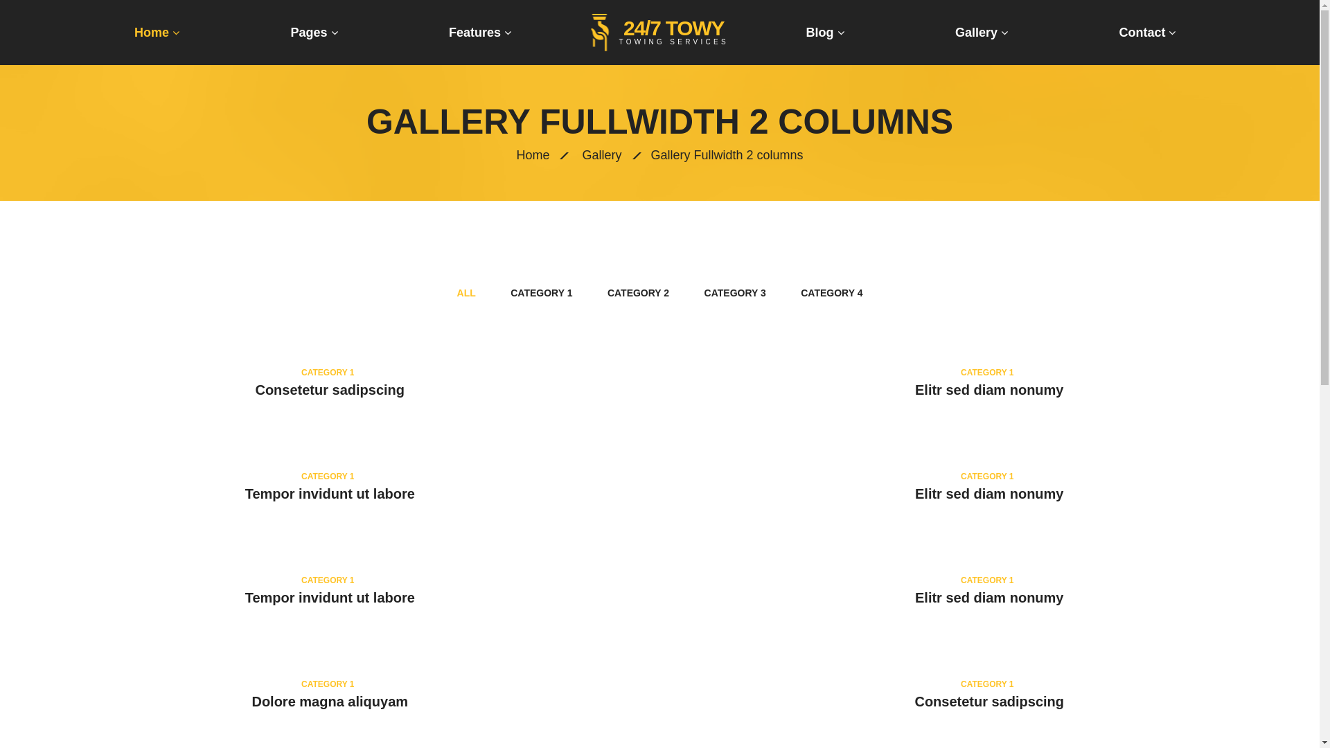  Describe the element at coordinates (601, 154) in the screenshot. I see `'Gallery'` at that location.